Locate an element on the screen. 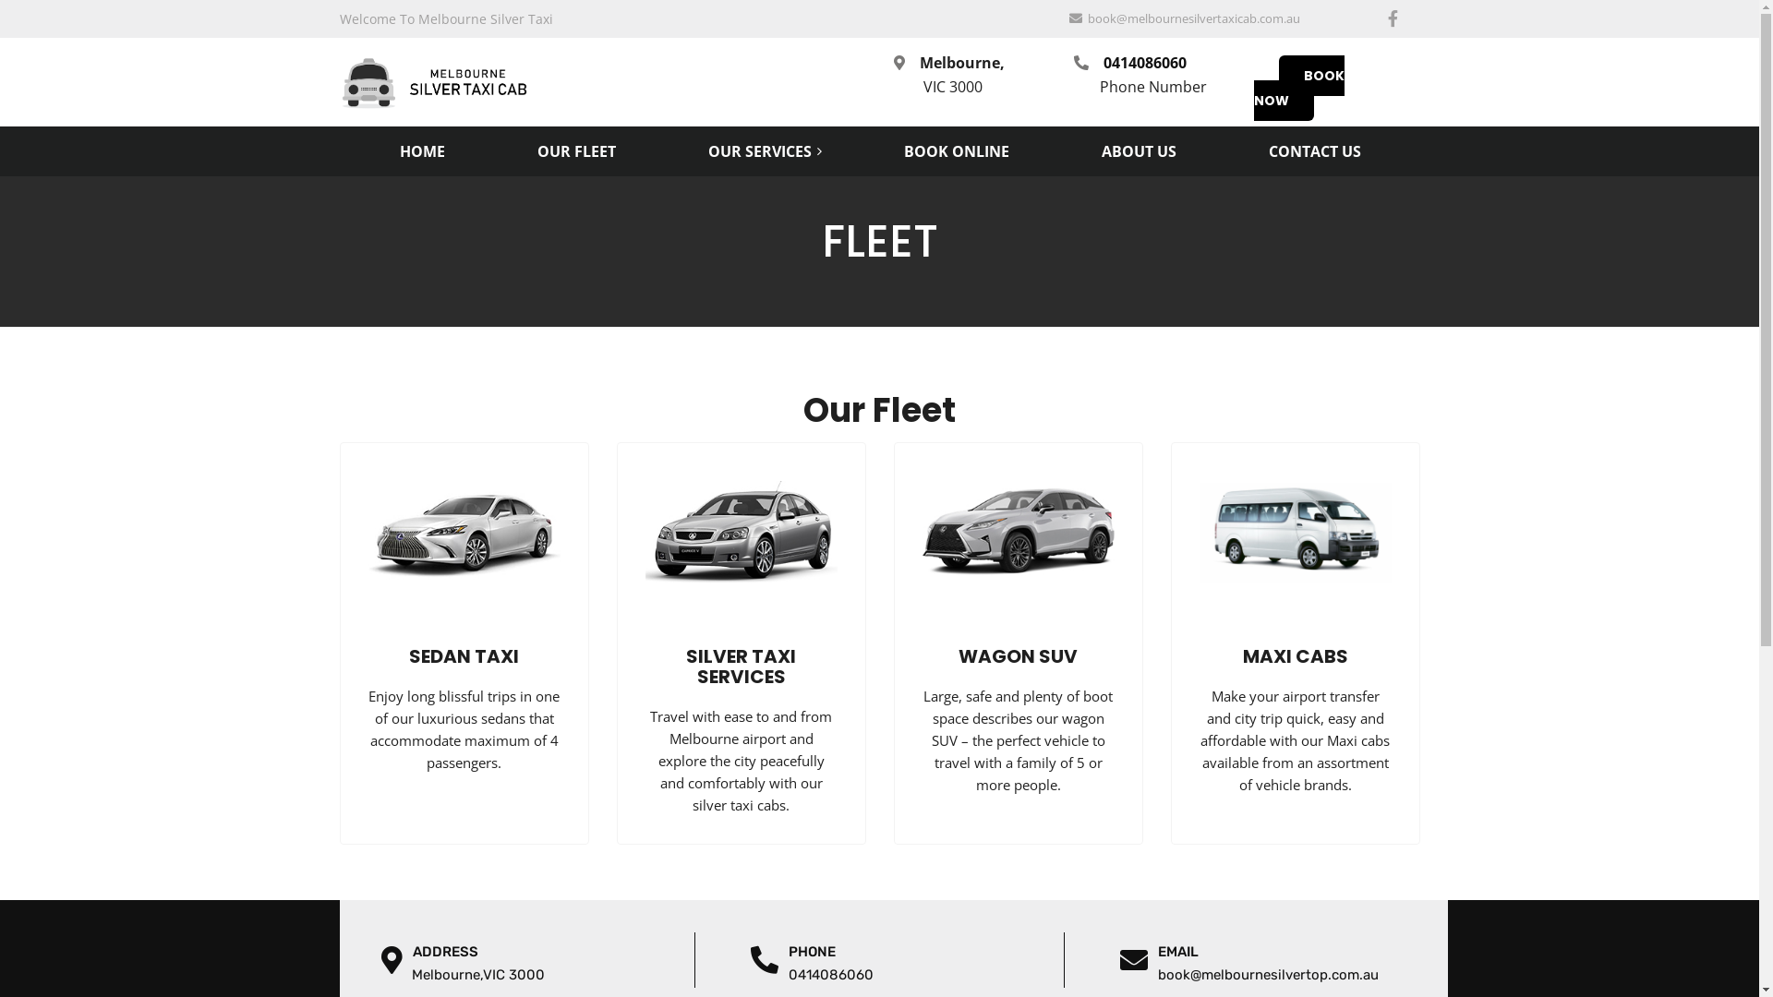 Image resolution: width=1773 pixels, height=997 pixels. '         book@melbournesilvertop.com.au' is located at coordinates (1251, 974).